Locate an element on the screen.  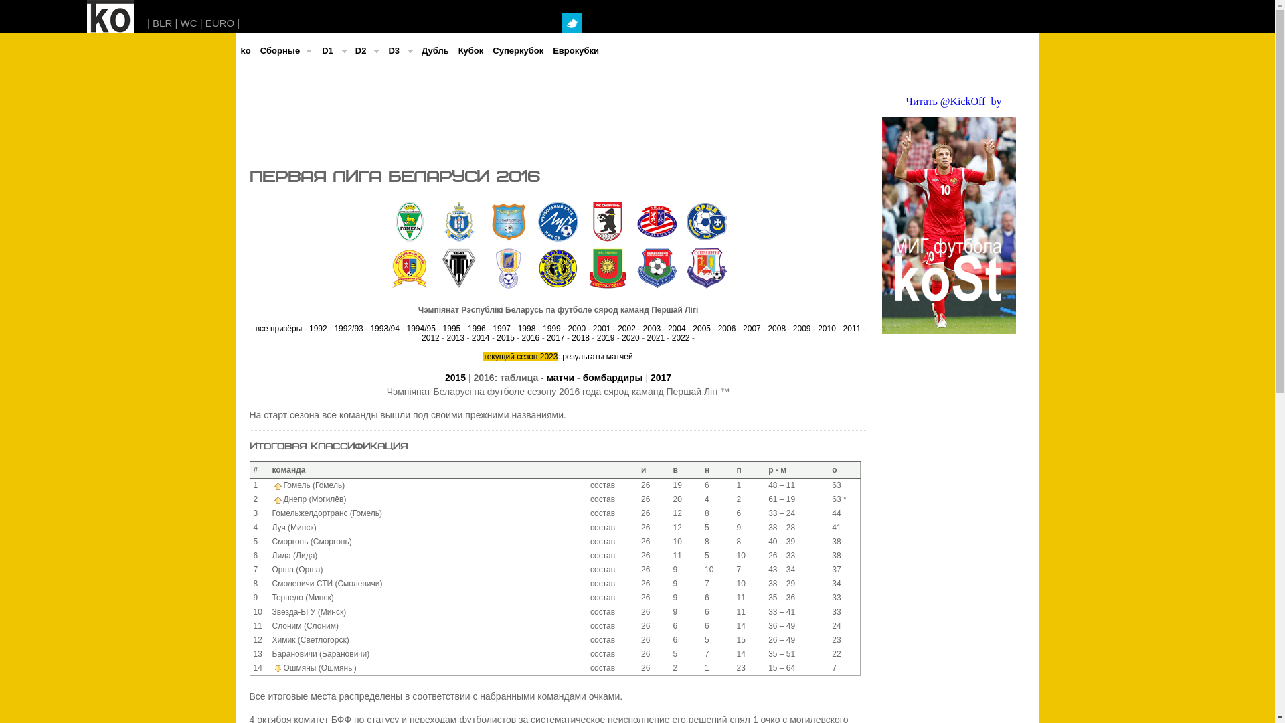
'2004' is located at coordinates (677, 328).